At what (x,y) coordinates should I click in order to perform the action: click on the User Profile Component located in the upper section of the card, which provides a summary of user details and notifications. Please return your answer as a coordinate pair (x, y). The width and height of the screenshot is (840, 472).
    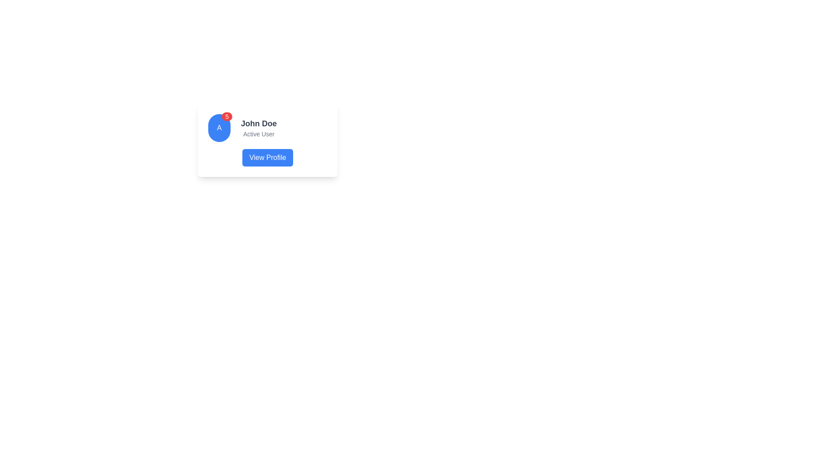
    Looking at the image, I should click on (267, 128).